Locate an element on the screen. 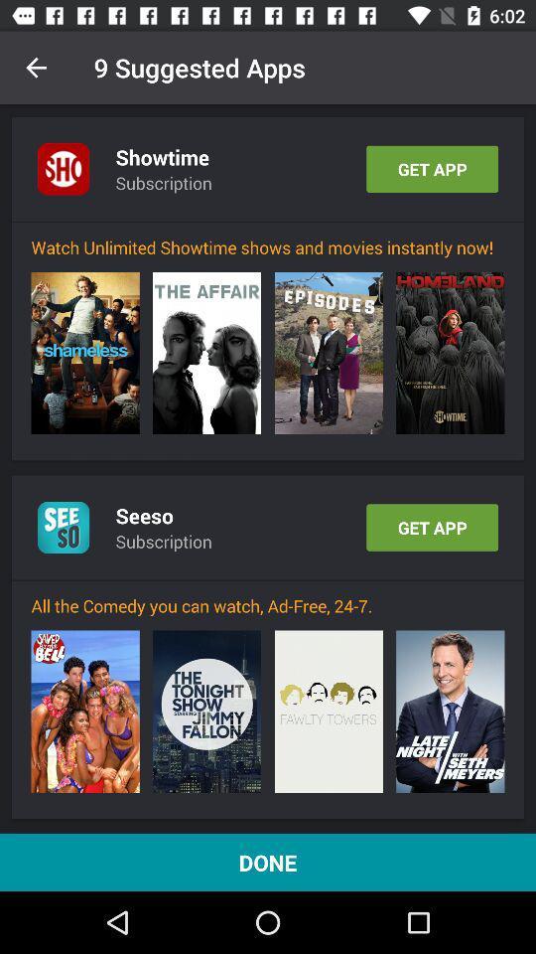 Image resolution: width=536 pixels, height=954 pixels. the watch unlimited showtime icon is located at coordinates (268, 246).